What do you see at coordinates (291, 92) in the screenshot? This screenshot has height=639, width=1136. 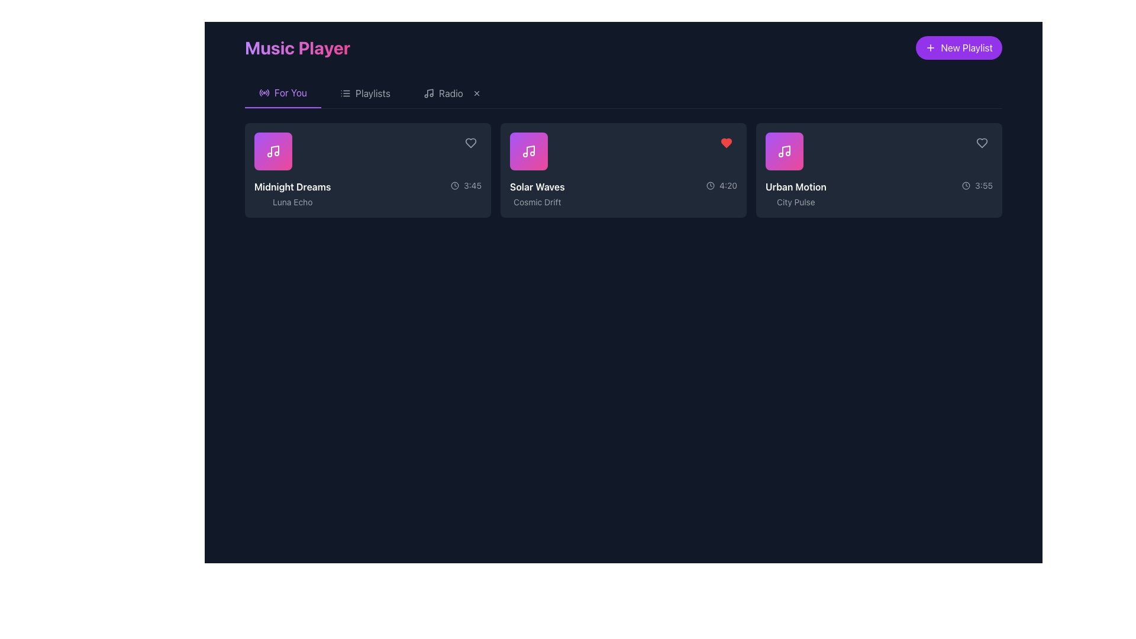 I see `accessibility tools` at bounding box center [291, 92].